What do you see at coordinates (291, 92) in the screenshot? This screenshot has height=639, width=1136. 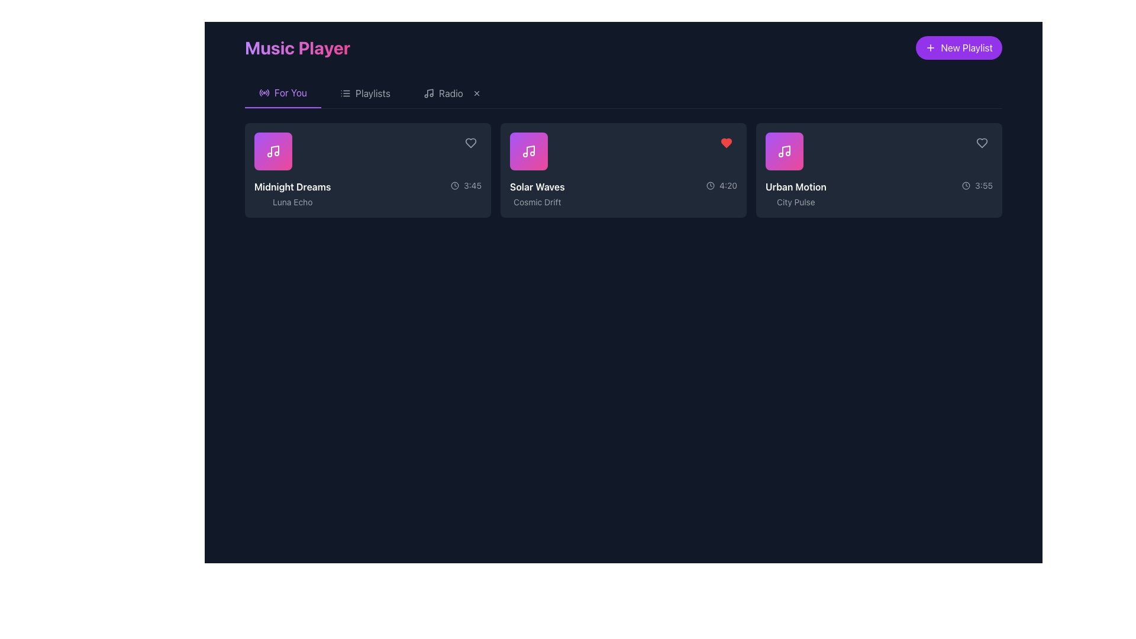 I see `accessibility tools` at bounding box center [291, 92].